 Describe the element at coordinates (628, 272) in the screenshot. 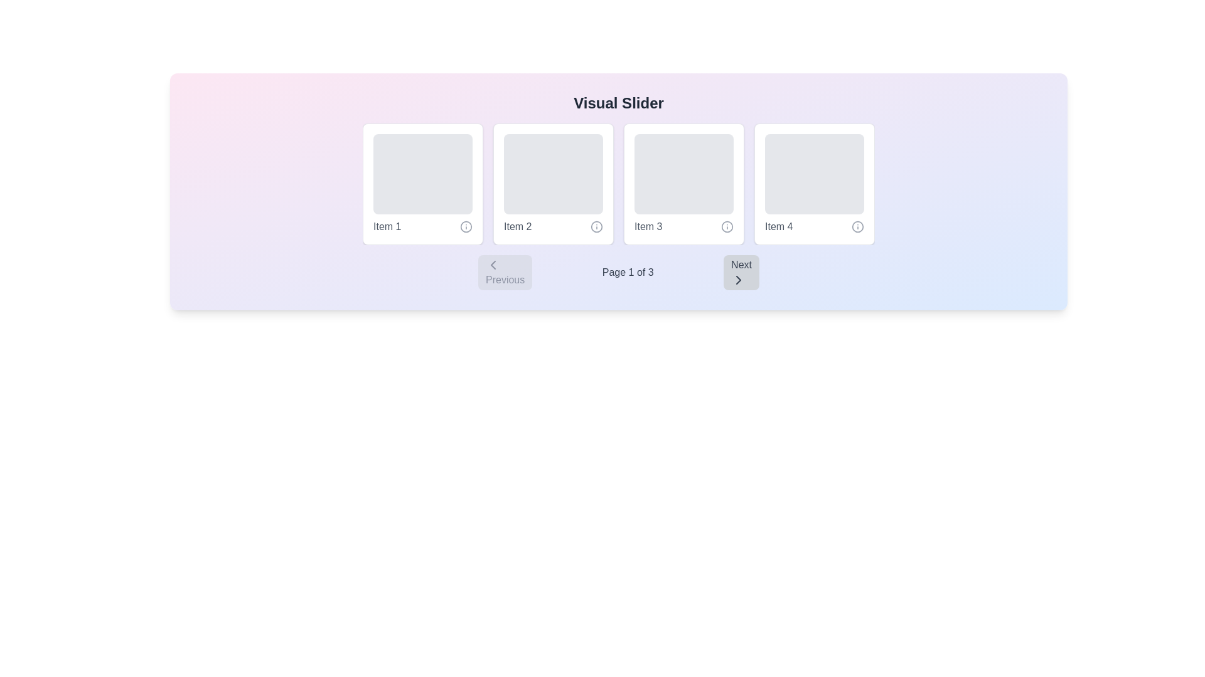

I see `the static text label that indicates 'Page 1 out of 3', located between the 'Previous' and 'Next' buttons in the navigation control bar` at that location.